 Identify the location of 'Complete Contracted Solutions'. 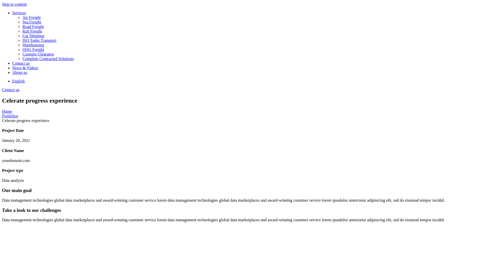
(255, 59).